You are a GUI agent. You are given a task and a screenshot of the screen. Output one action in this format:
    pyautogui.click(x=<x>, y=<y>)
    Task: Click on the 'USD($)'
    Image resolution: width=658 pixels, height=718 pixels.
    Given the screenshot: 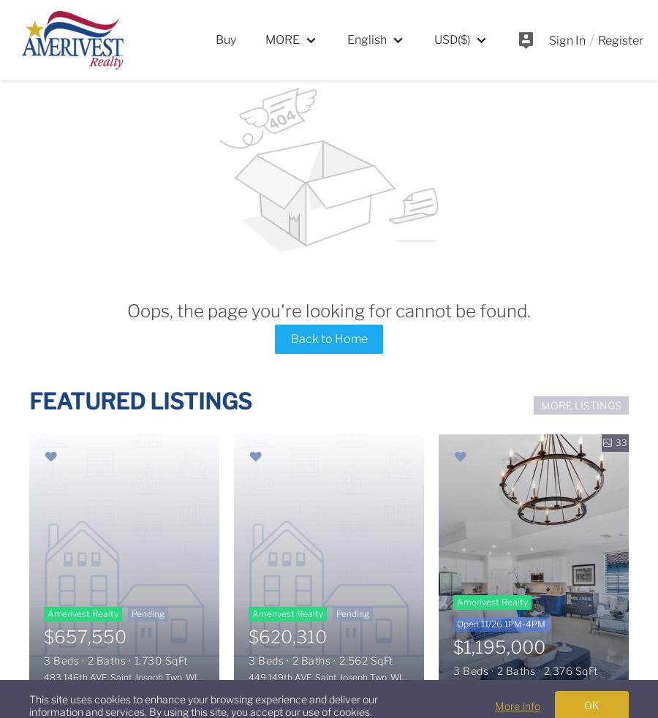 What is the action you would take?
    pyautogui.click(x=452, y=39)
    